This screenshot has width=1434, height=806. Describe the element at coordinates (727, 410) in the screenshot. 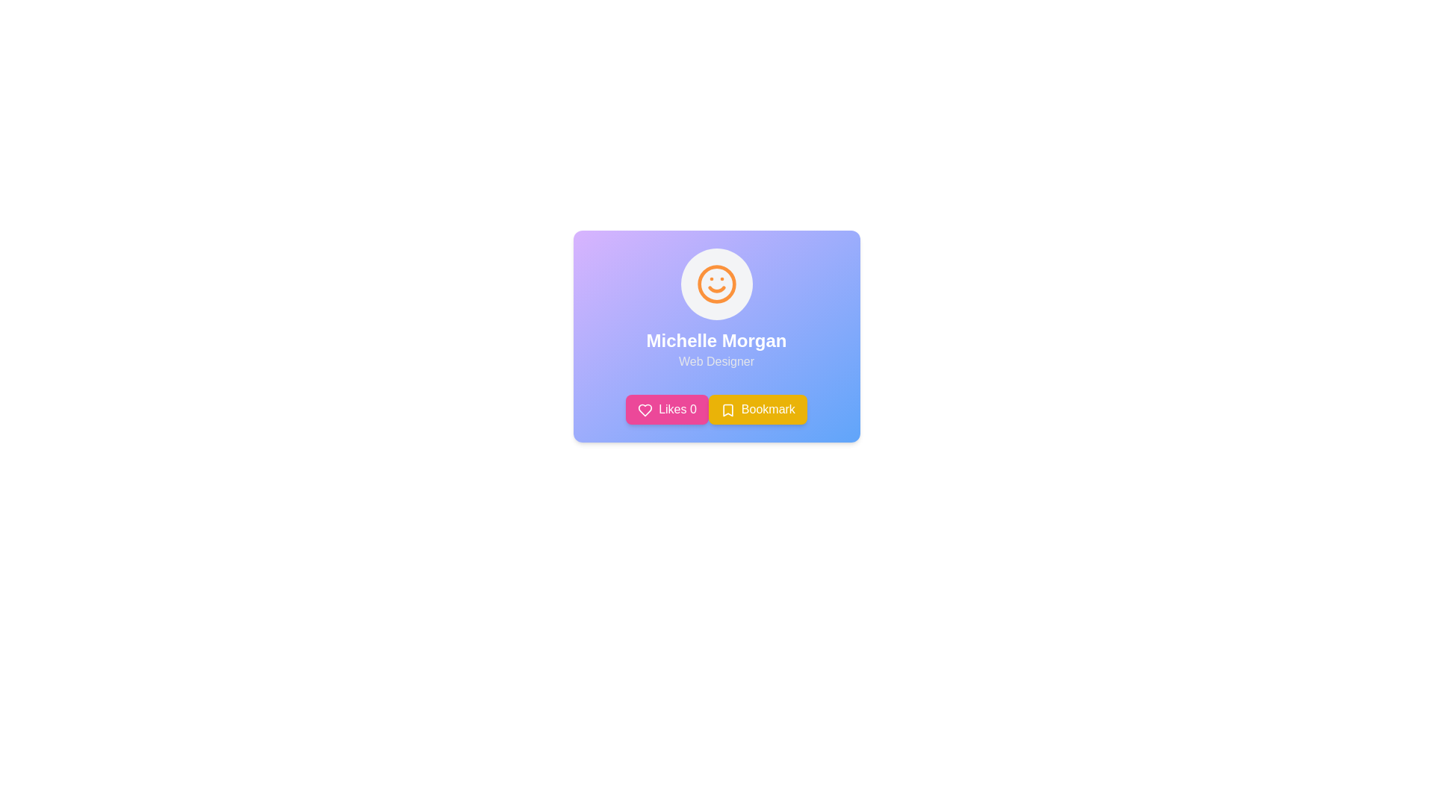

I see `the small bookmark icon, which is styled as a line drawing and located inside the yellow button labeled 'Bookmark'` at that location.